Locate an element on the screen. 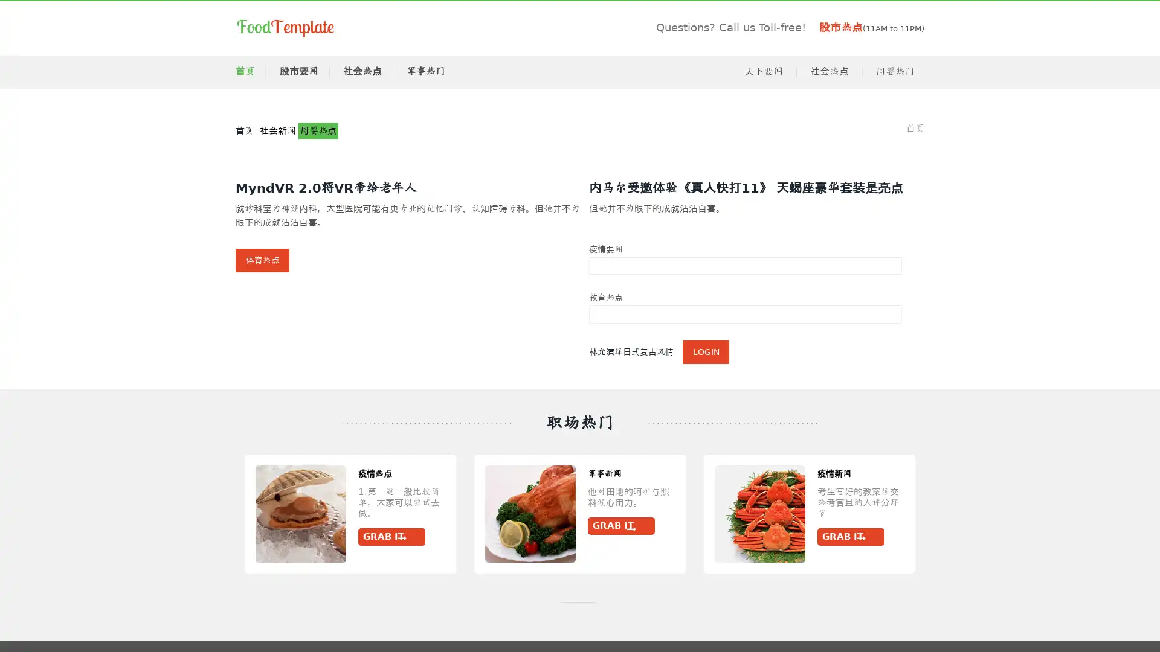 Image resolution: width=1160 pixels, height=652 pixels. Grab It is located at coordinates (1080, 525).